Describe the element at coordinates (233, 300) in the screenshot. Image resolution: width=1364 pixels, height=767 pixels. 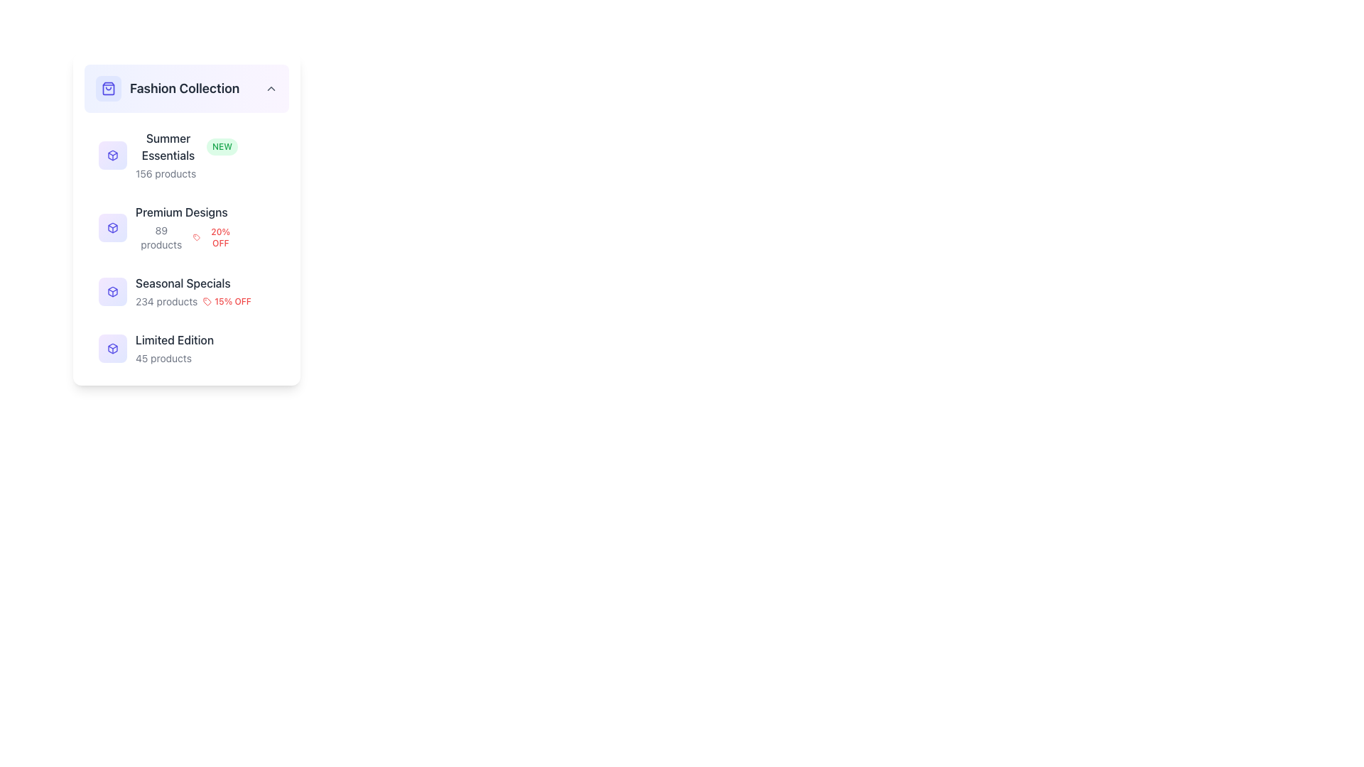
I see `the text label communicating a discount or special offer located under 'Seasonal Specials' to the right of the product count` at that location.